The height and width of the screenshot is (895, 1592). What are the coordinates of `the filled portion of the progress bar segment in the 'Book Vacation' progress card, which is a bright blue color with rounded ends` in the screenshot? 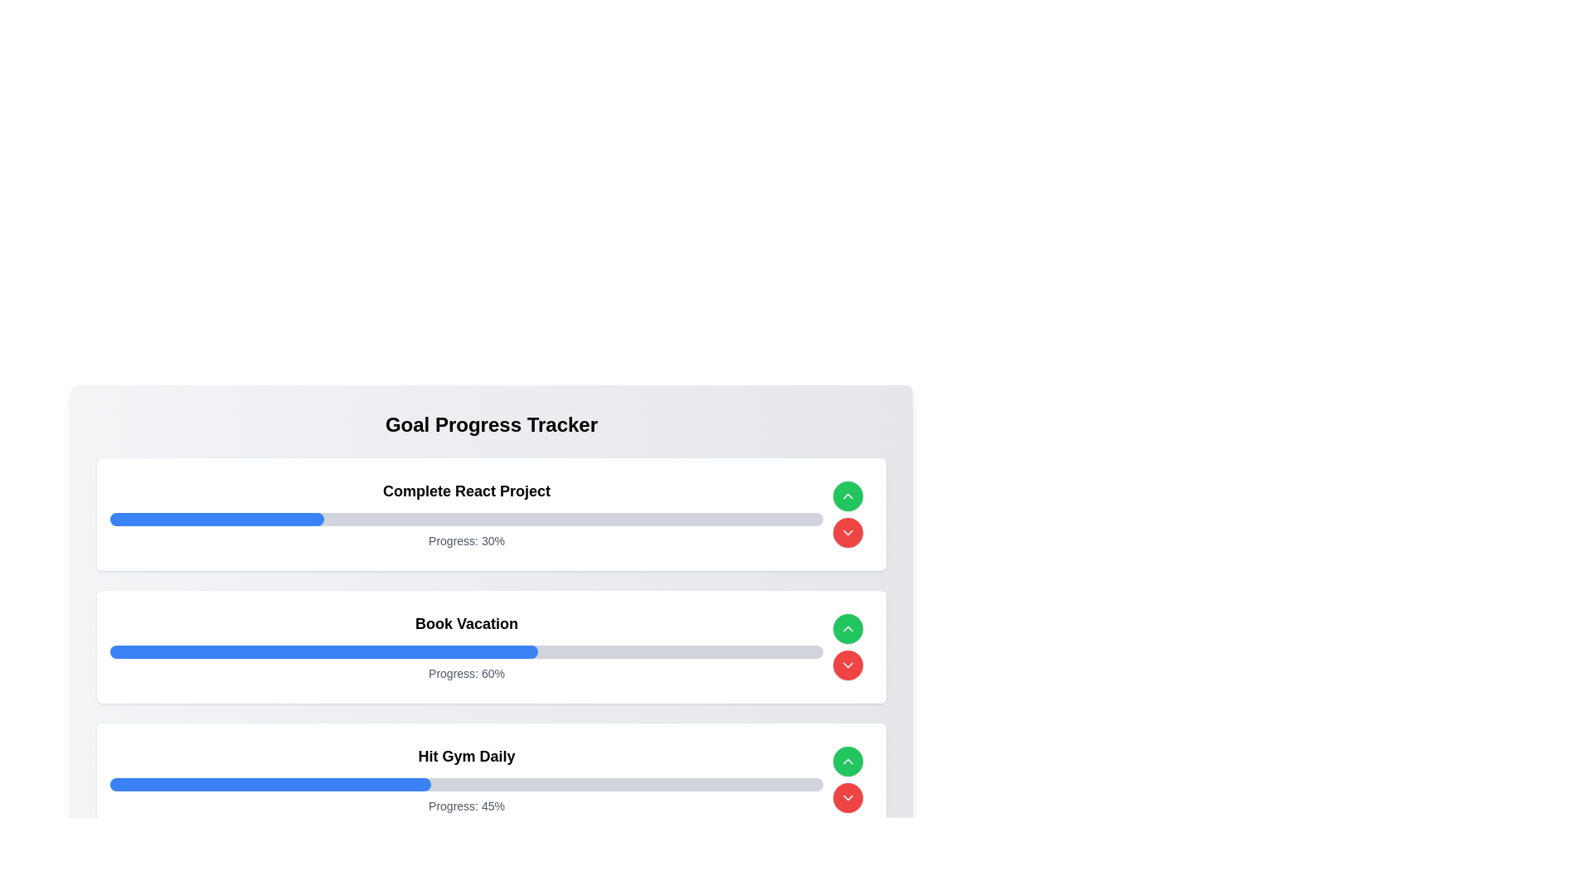 It's located at (323, 651).